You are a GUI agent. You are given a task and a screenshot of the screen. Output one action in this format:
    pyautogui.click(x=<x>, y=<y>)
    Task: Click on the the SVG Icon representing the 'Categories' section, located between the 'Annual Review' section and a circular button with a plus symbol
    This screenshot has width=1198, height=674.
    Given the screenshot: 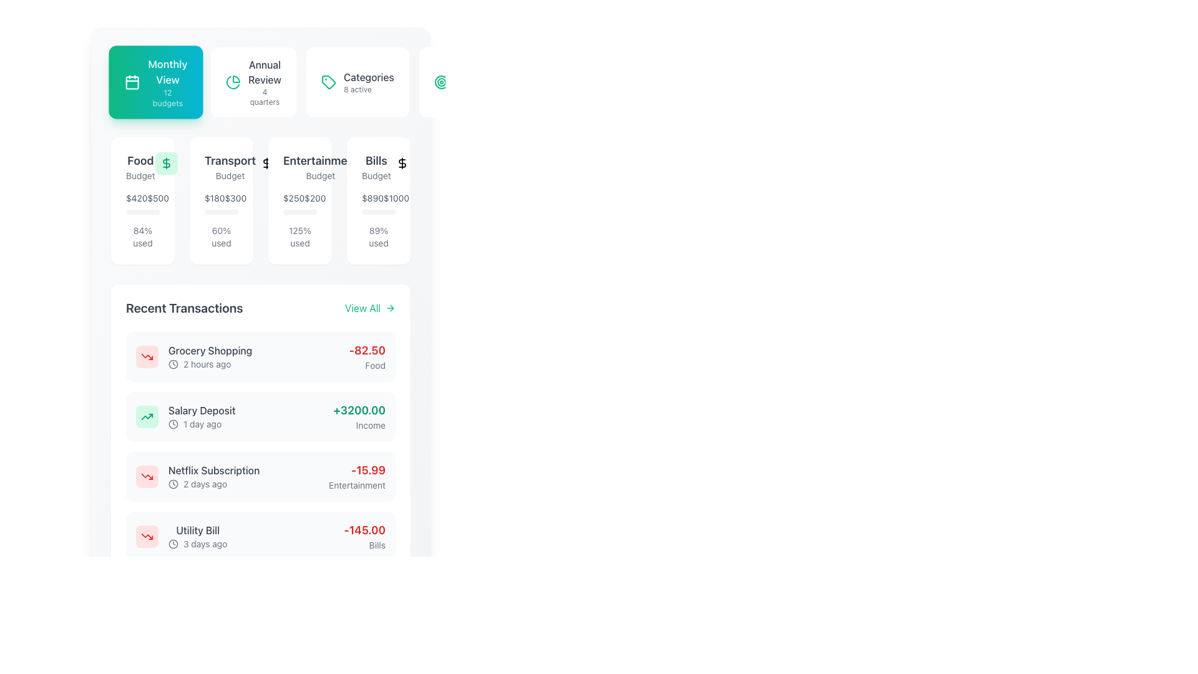 What is the action you would take?
    pyautogui.click(x=328, y=82)
    